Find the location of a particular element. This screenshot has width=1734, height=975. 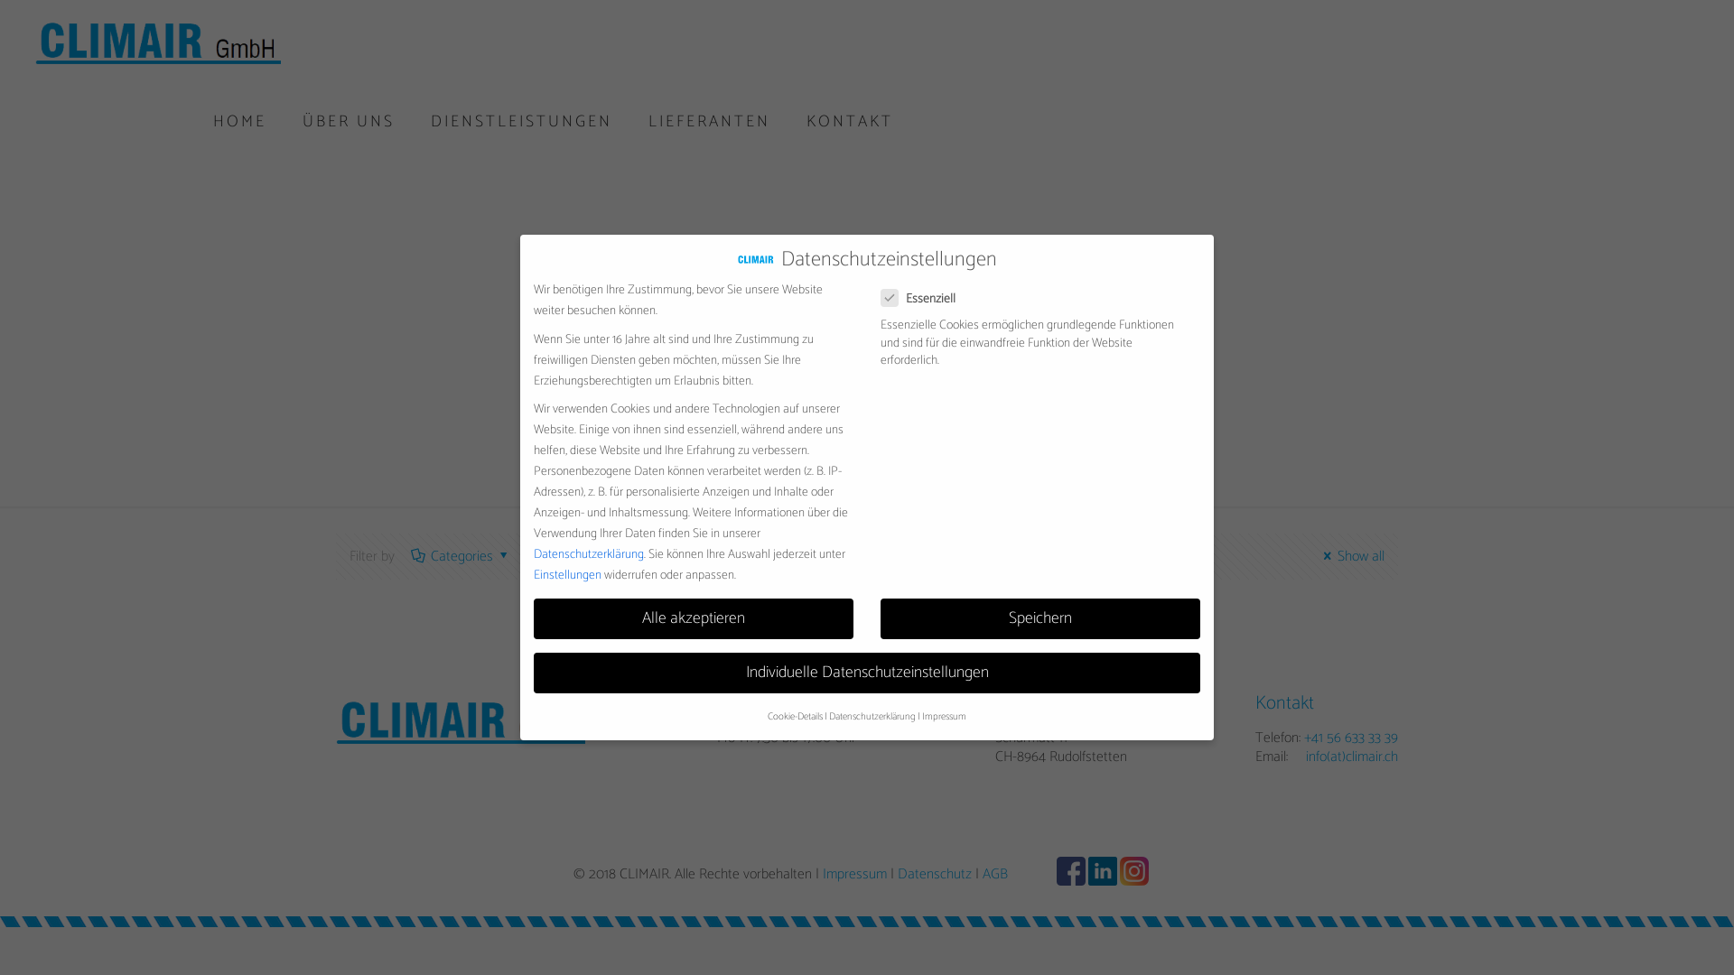

'Facebook' is located at coordinates (1053, 879).